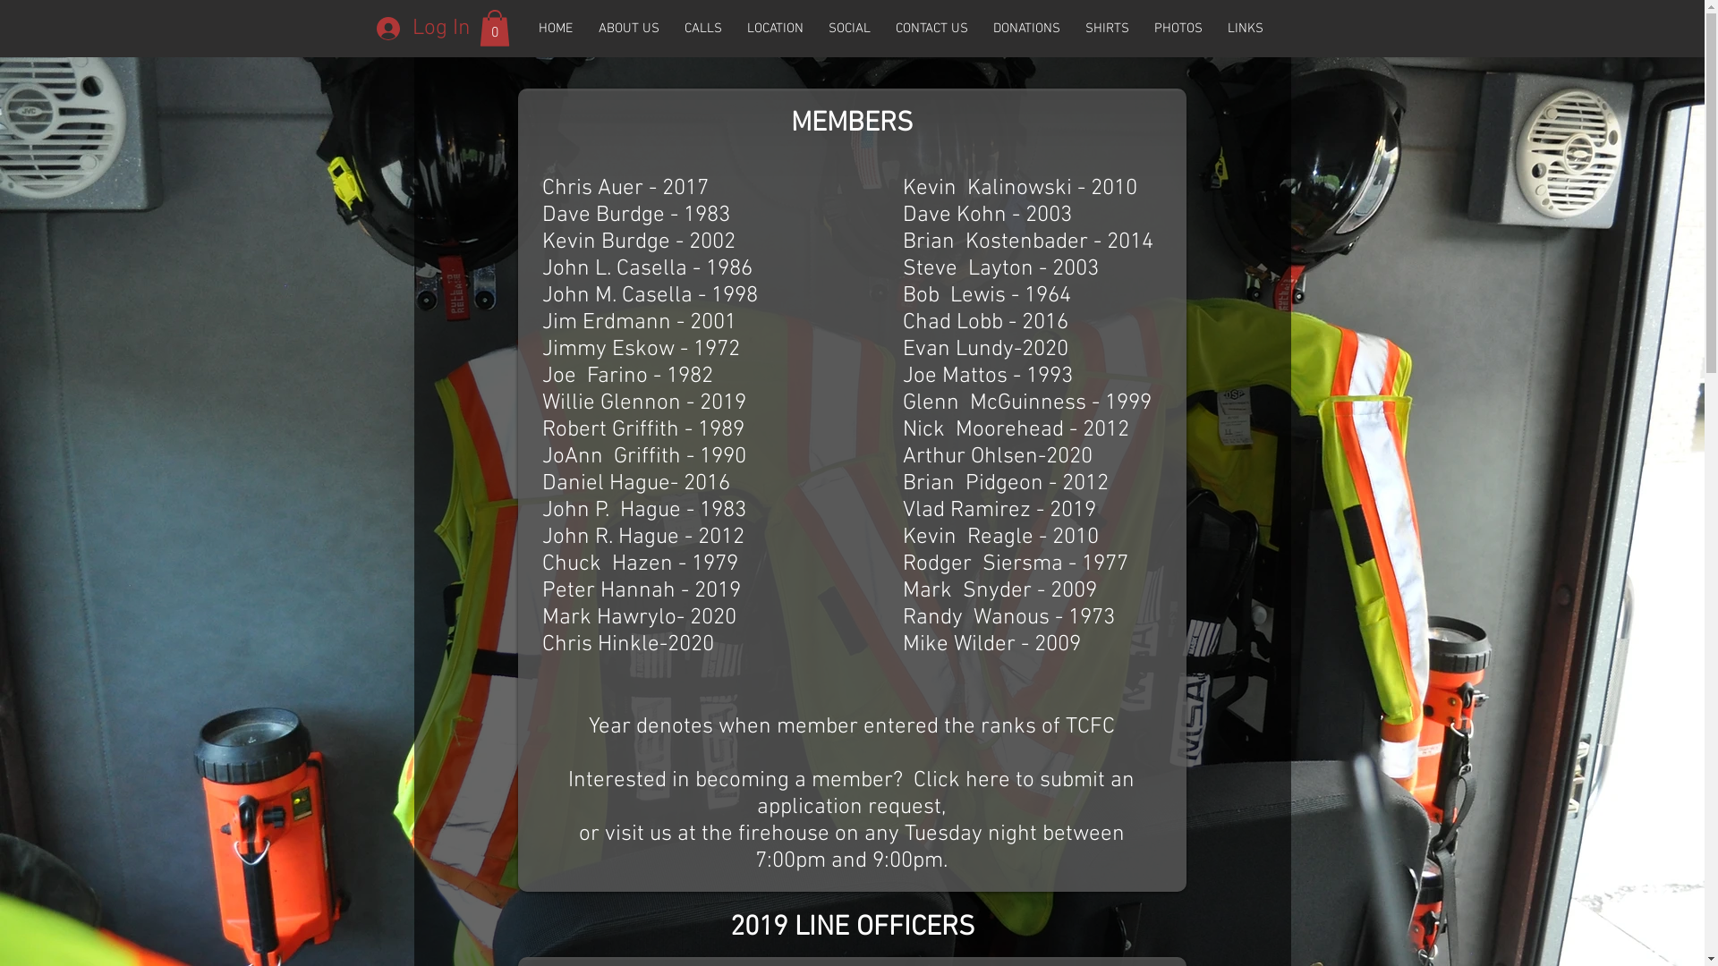 Image resolution: width=1718 pixels, height=966 pixels. Describe the element at coordinates (362, 28) in the screenshot. I see `'Log In'` at that location.